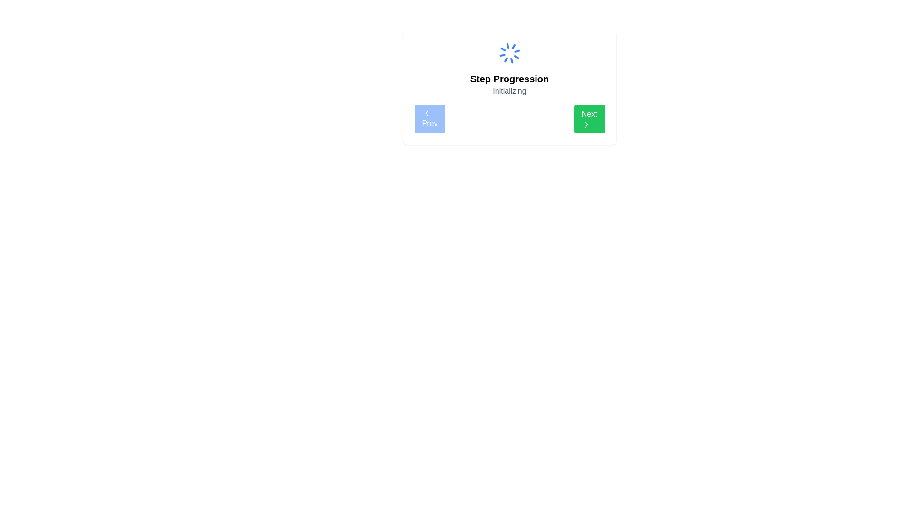  What do you see at coordinates (509, 78) in the screenshot?
I see `the static text header indicating the current step of progression, which is located between a loading spinner and the text 'Initializing'` at bounding box center [509, 78].